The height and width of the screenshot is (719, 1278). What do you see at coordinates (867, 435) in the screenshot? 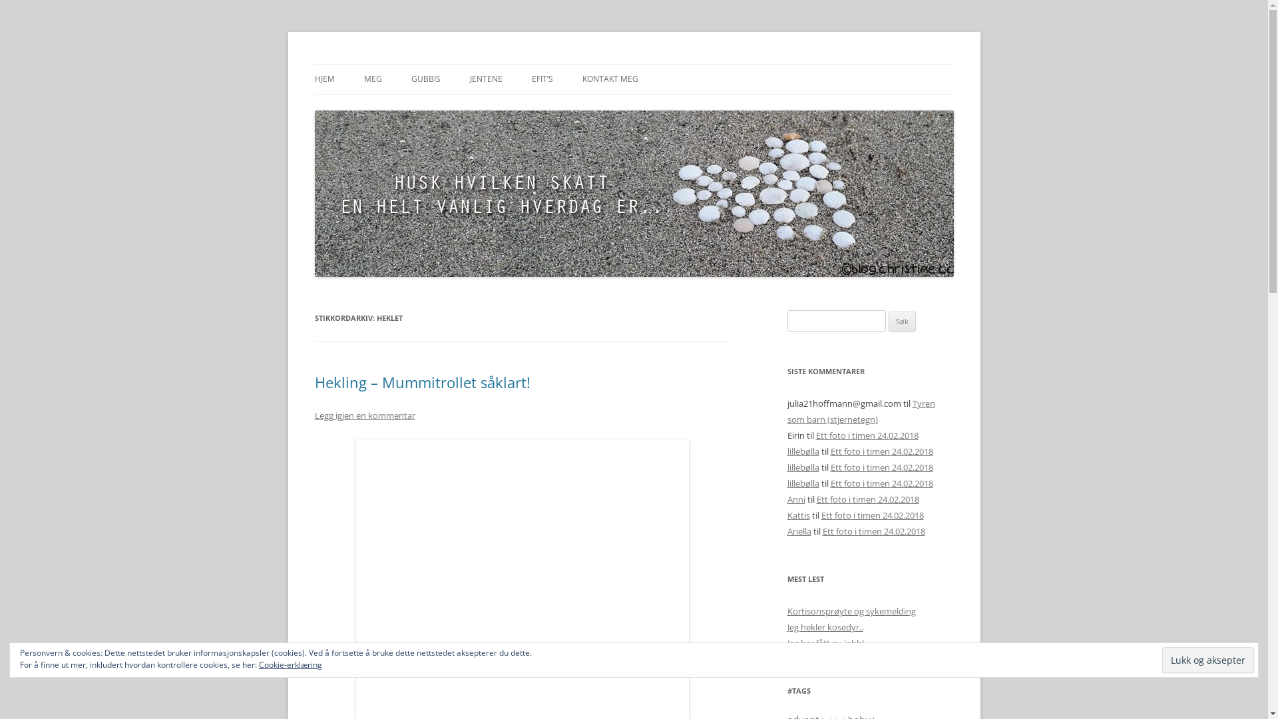
I see `'Ett foto i timen 24.02.2018'` at bounding box center [867, 435].